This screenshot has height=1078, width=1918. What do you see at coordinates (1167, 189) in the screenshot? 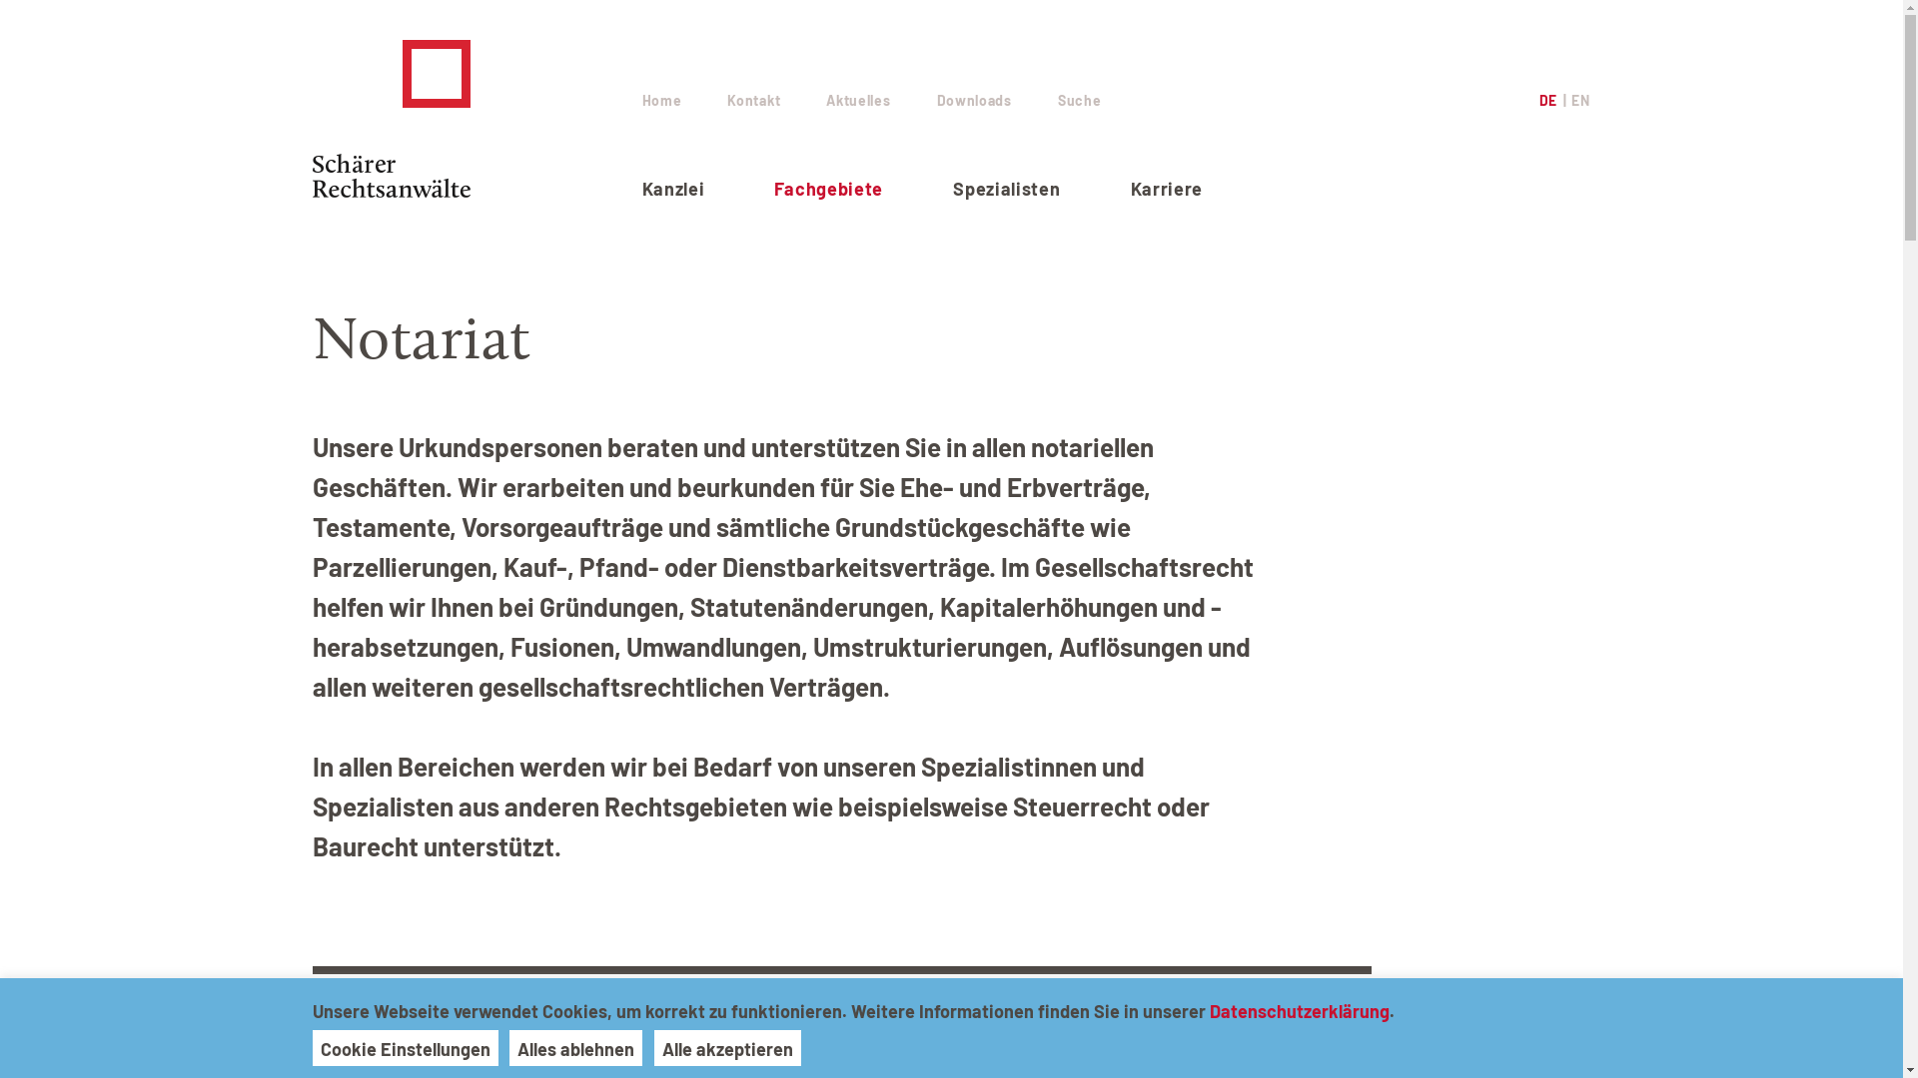
I see `'Karriere'` at bounding box center [1167, 189].